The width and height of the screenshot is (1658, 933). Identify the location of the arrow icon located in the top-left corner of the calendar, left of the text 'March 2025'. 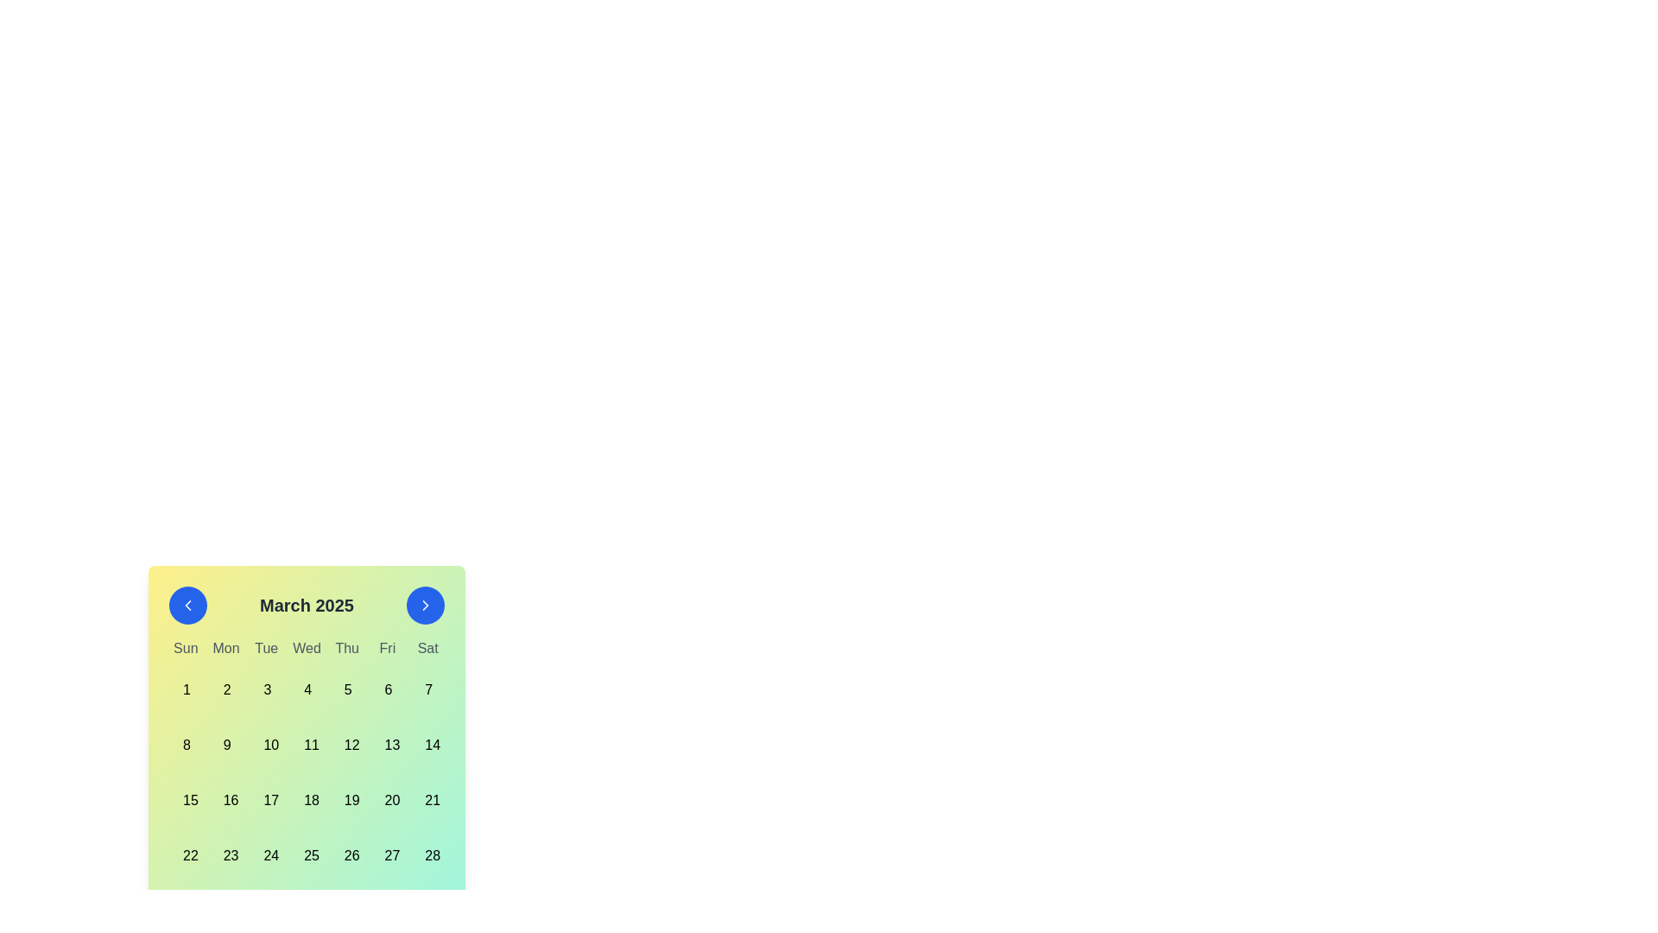
(187, 605).